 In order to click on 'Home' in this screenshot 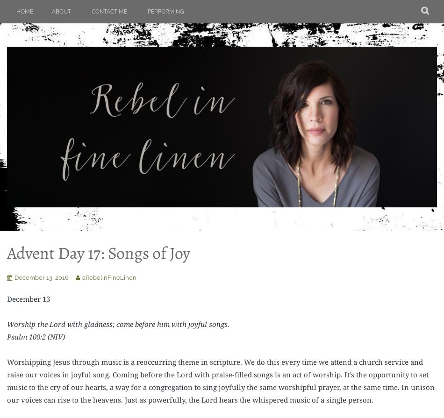, I will do `click(25, 11)`.